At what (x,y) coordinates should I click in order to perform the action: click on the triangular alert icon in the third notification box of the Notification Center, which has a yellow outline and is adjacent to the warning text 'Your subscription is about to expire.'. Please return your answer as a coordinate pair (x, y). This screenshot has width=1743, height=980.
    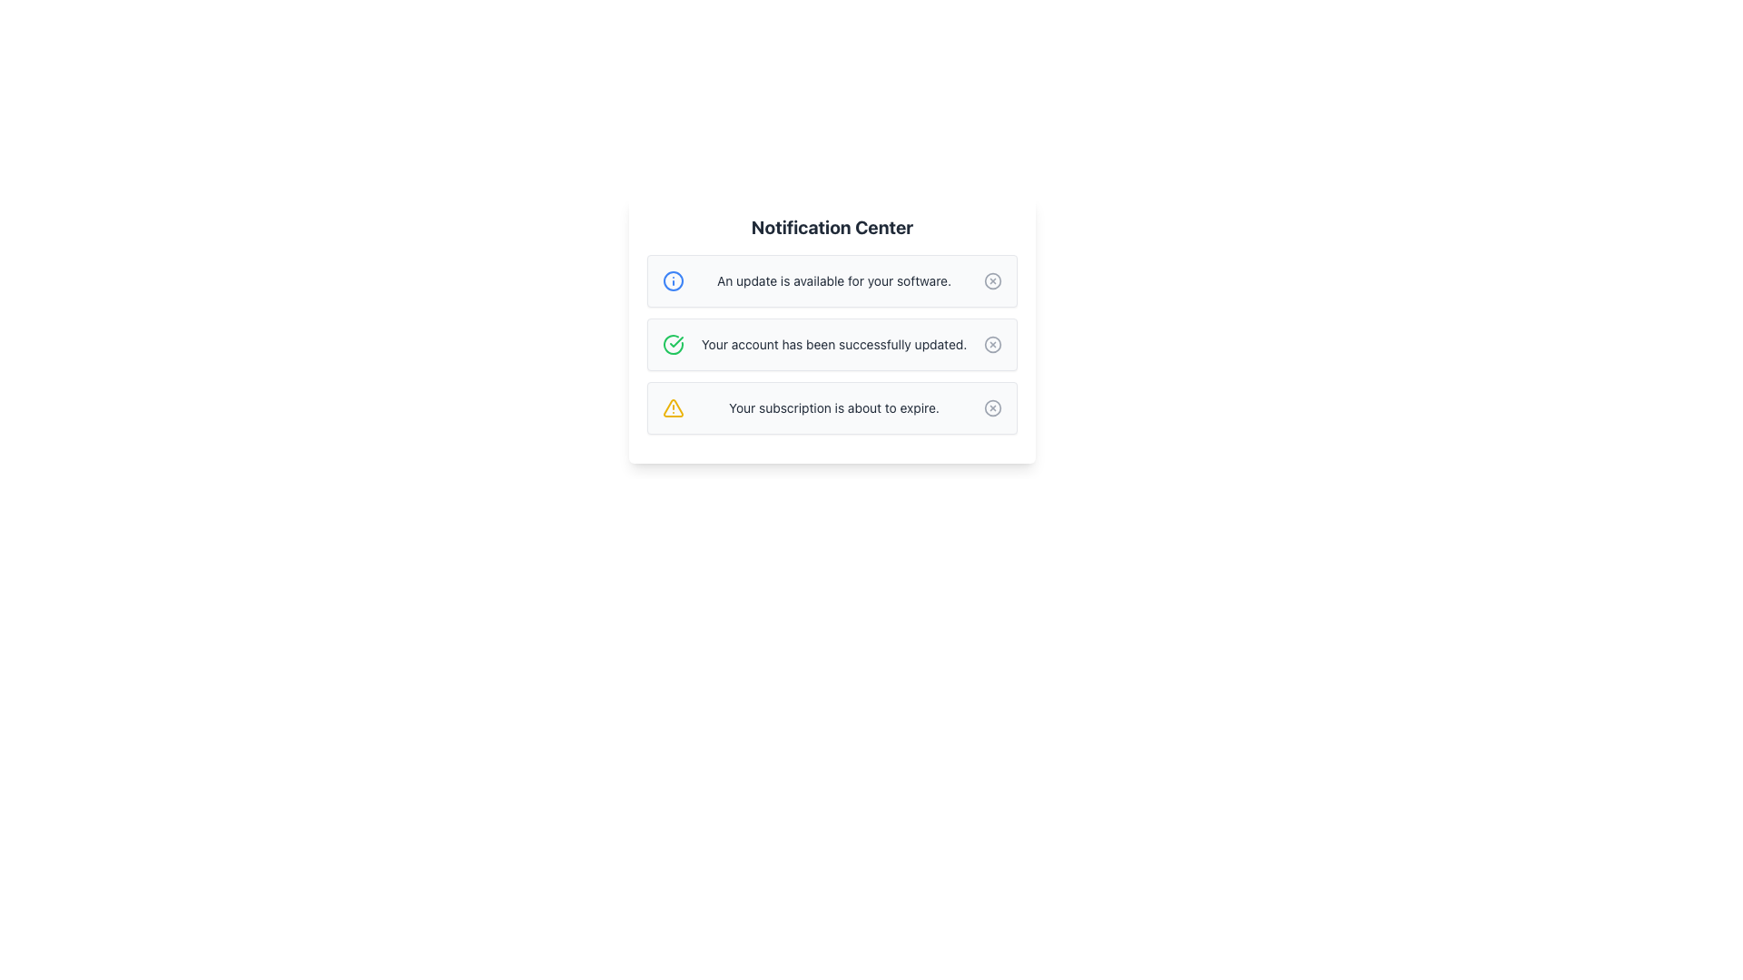
    Looking at the image, I should click on (673, 408).